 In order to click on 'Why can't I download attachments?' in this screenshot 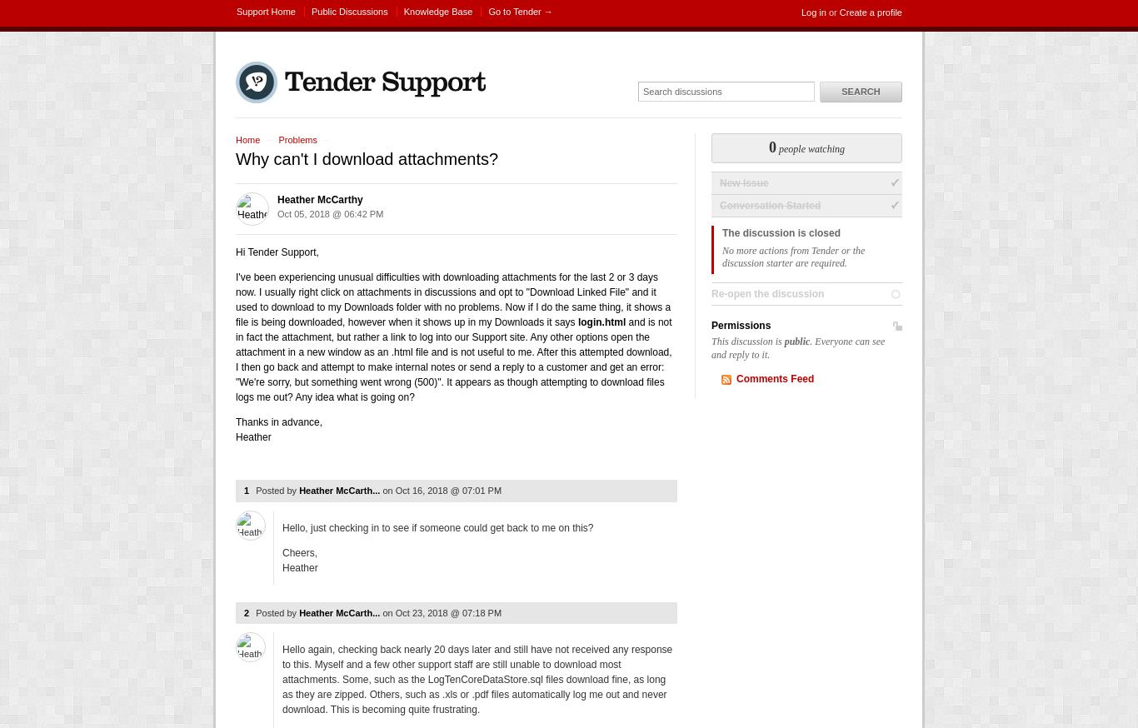, I will do `click(366, 157)`.